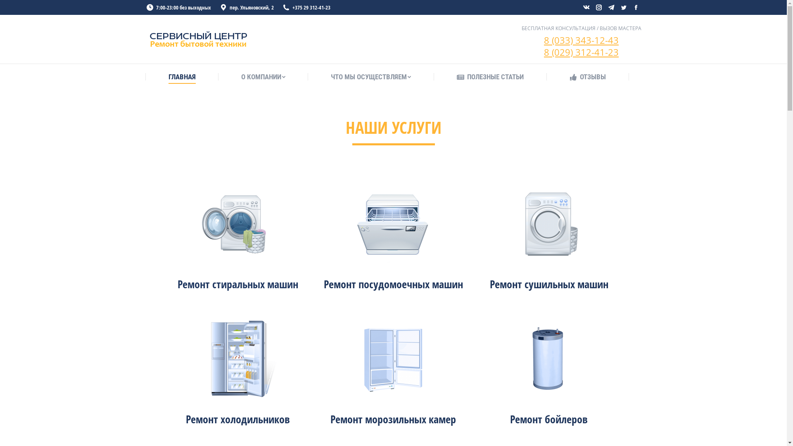  Describe the element at coordinates (544, 40) in the screenshot. I see `'8 (033) 343-12-43'` at that location.